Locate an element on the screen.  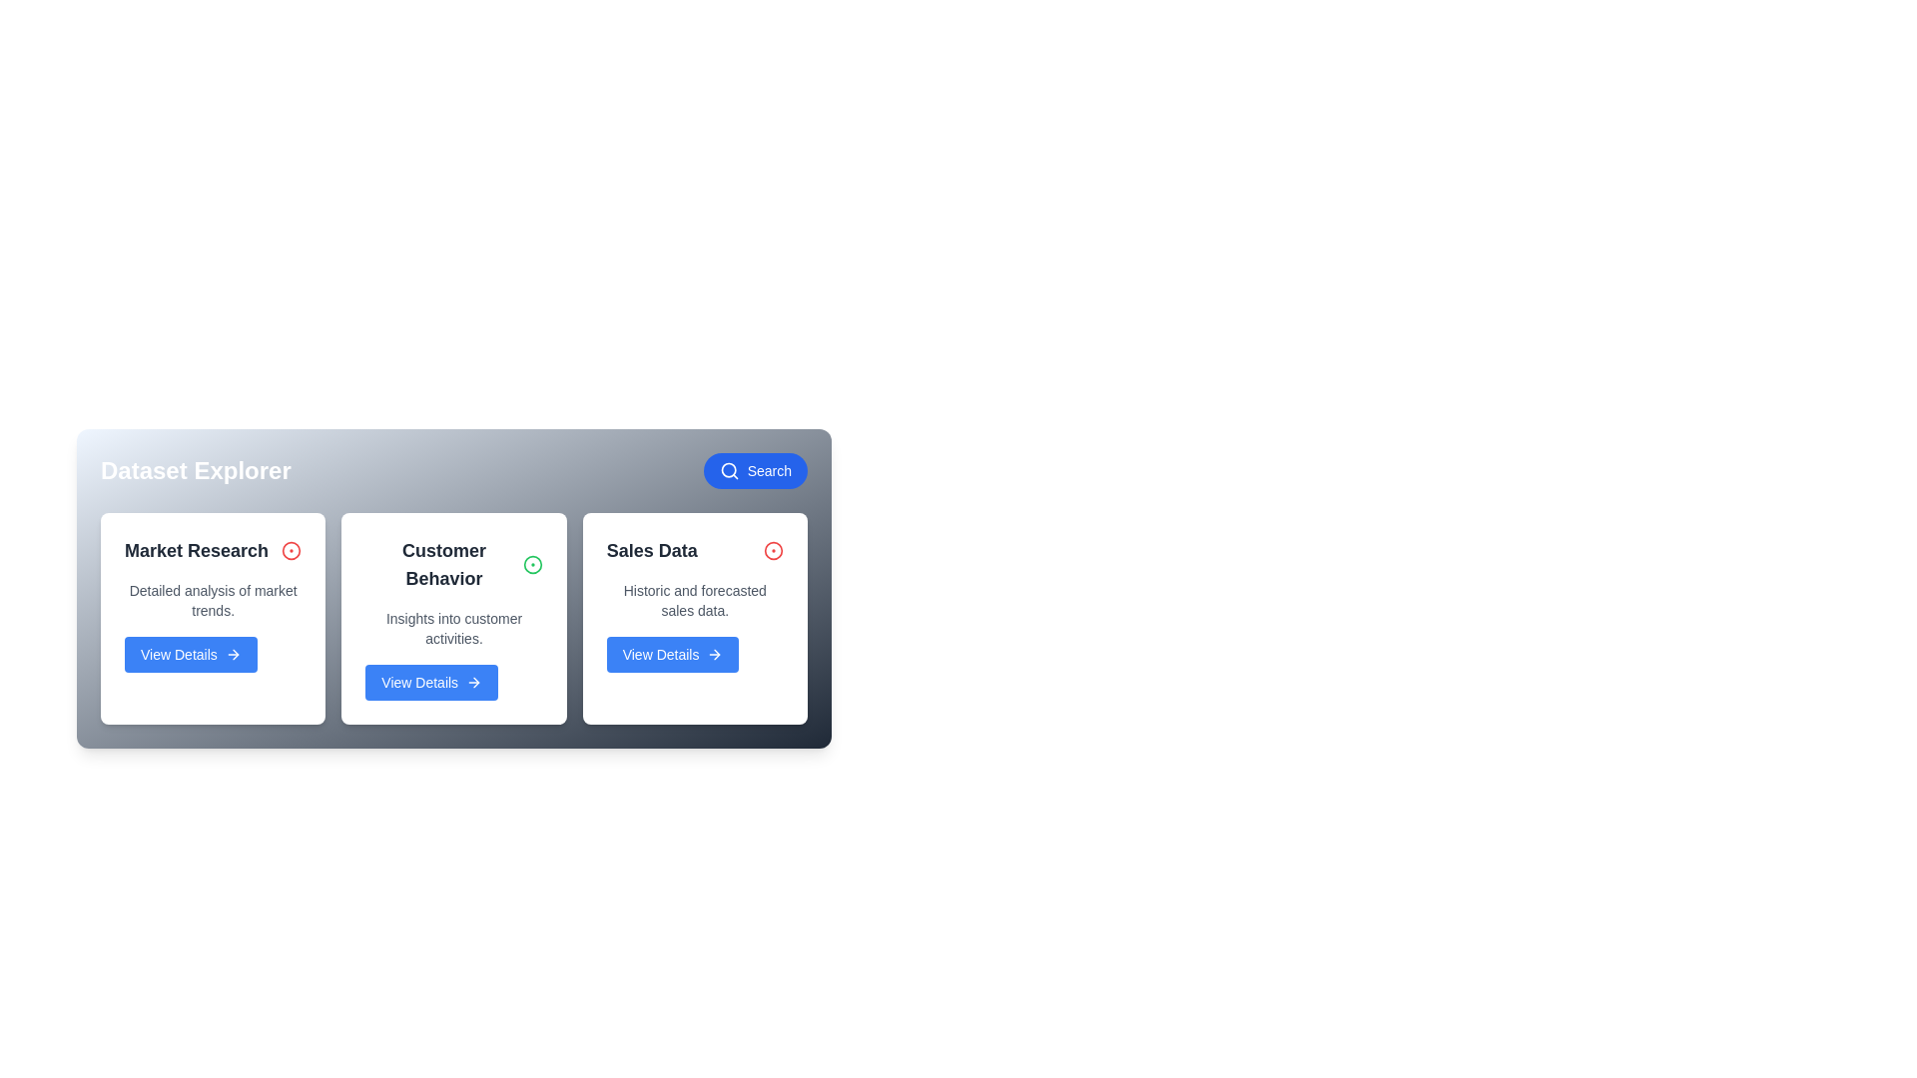
the 'View Details' button for the dataset named Customer Behavior is located at coordinates (430, 681).